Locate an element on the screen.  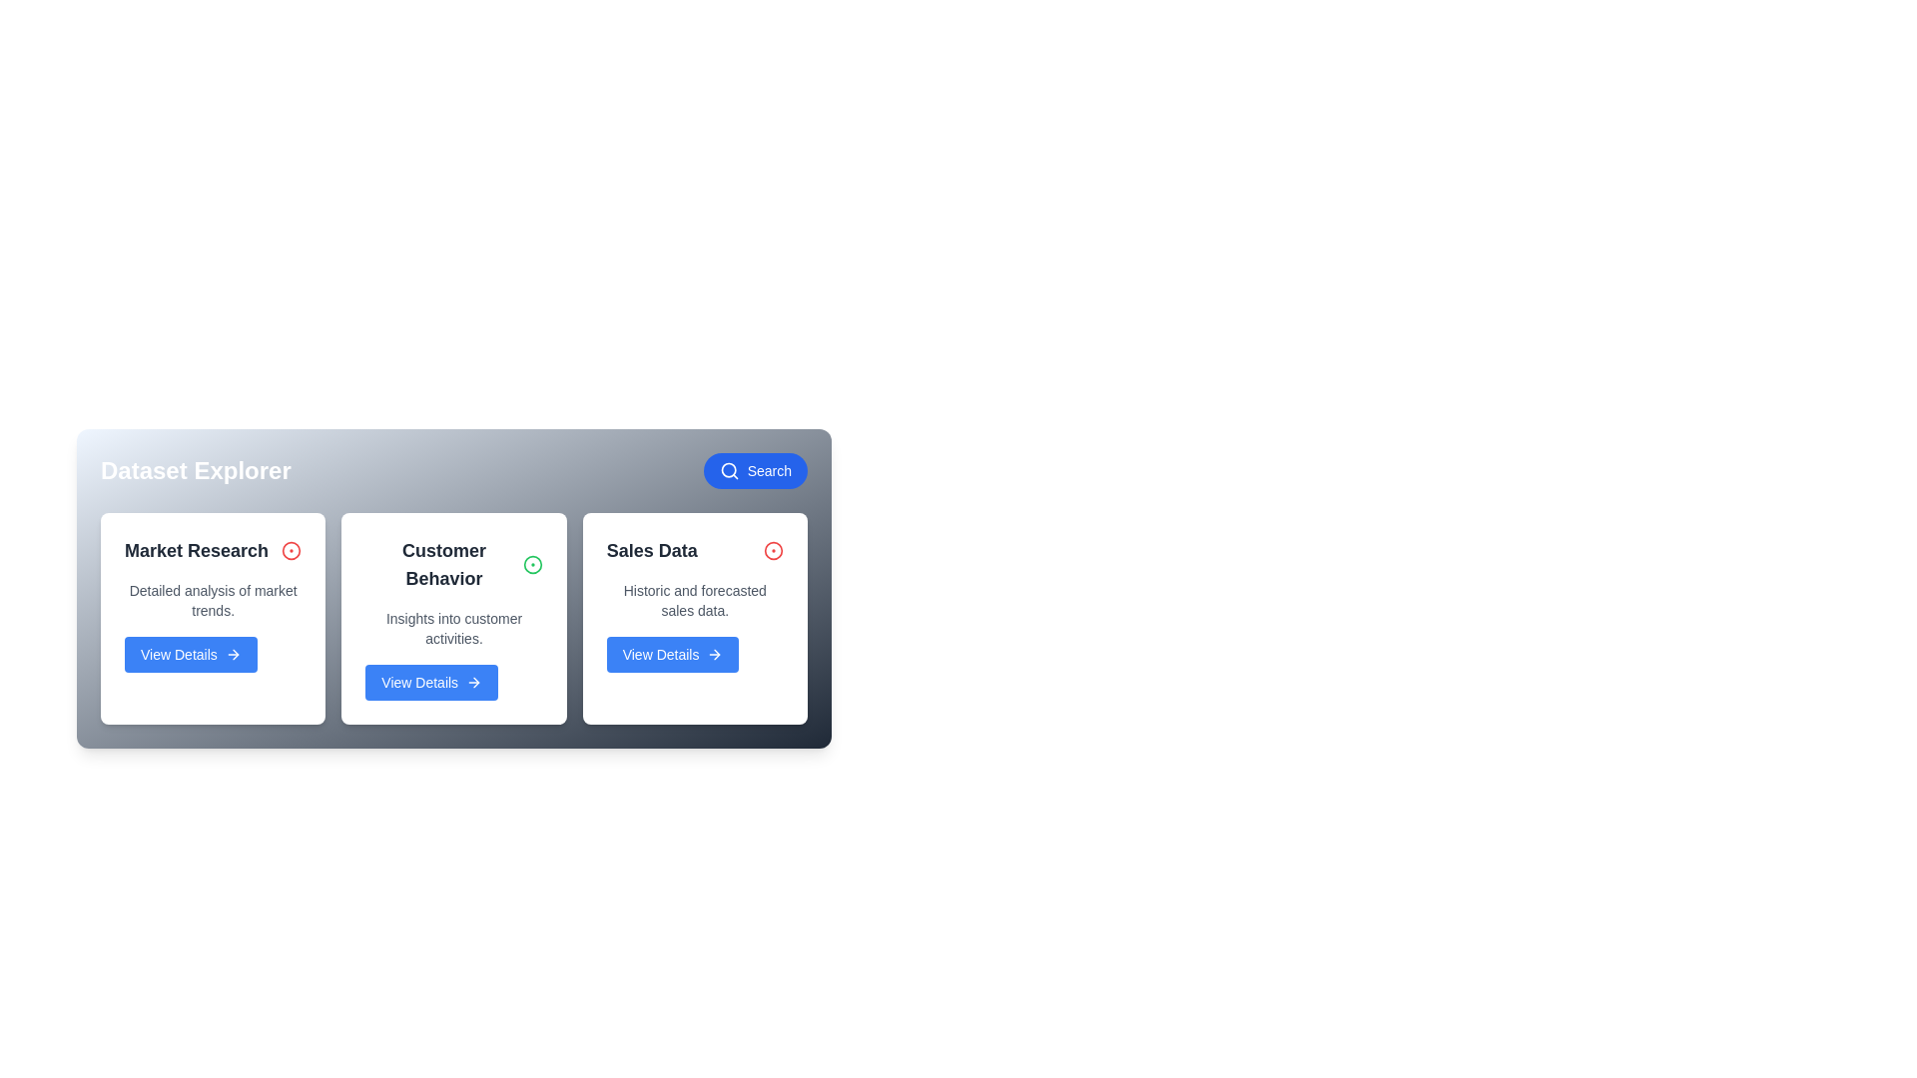
the 'View Details' button for the dataset named Customer Behavior is located at coordinates (430, 681).